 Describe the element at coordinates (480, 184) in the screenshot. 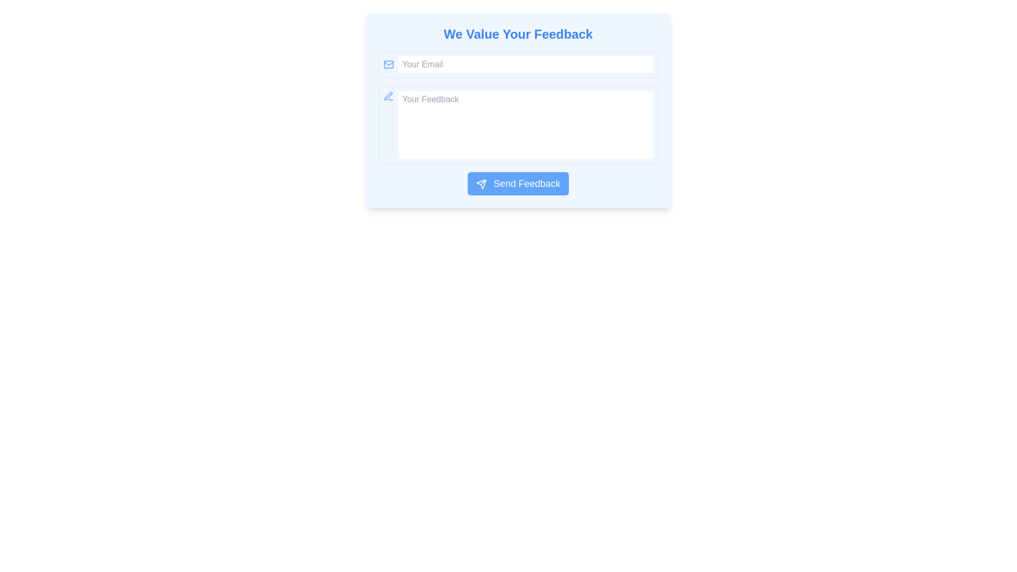

I see `the icon representing sending or forwarding an item, which is located in the 'Send Feedback' button area, just above the text label` at that location.